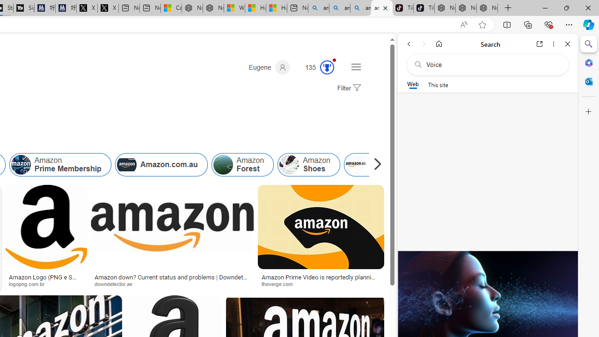 This screenshot has height=337, width=599. Describe the element at coordinates (438, 44) in the screenshot. I see `'Home'` at that location.